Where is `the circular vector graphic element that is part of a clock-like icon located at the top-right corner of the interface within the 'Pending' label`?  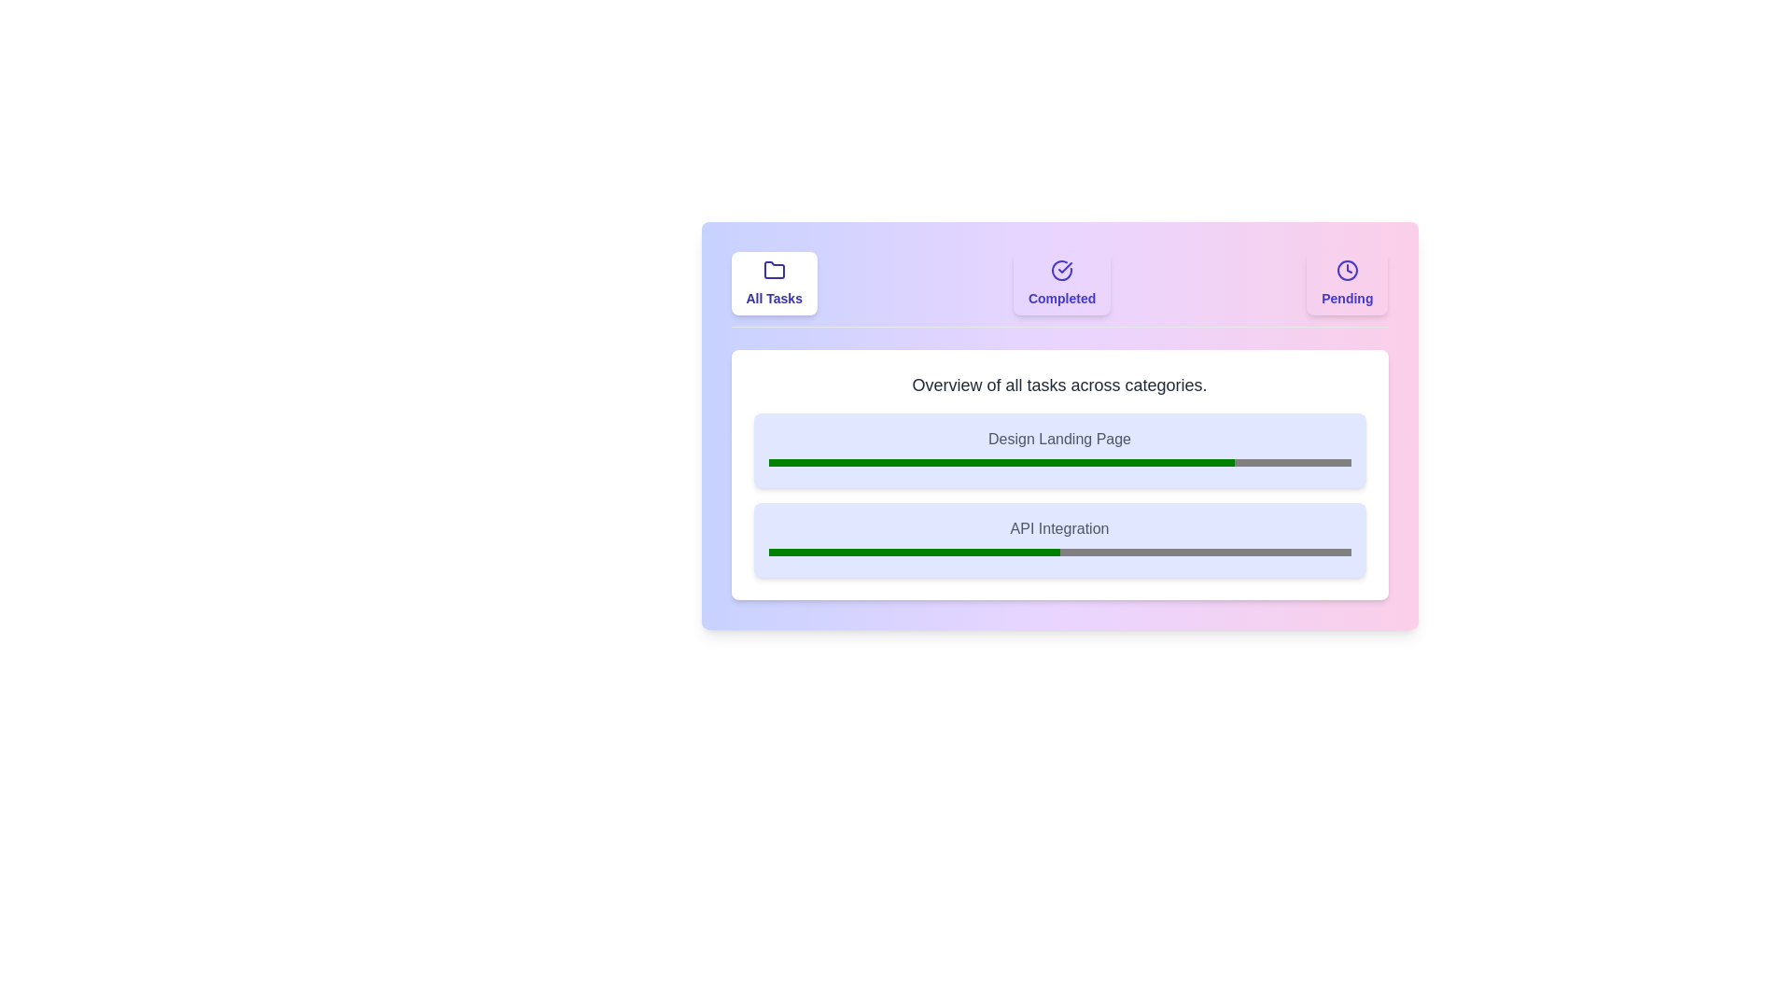 the circular vector graphic element that is part of a clock-like icon located at the top-right corner of the interface within the 'Pending' label is located at coordinates (1347, 270).